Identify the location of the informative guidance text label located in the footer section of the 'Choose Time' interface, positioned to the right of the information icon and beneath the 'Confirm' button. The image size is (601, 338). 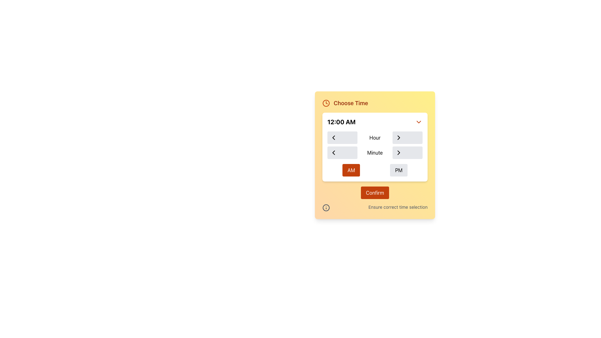
(398, 207).